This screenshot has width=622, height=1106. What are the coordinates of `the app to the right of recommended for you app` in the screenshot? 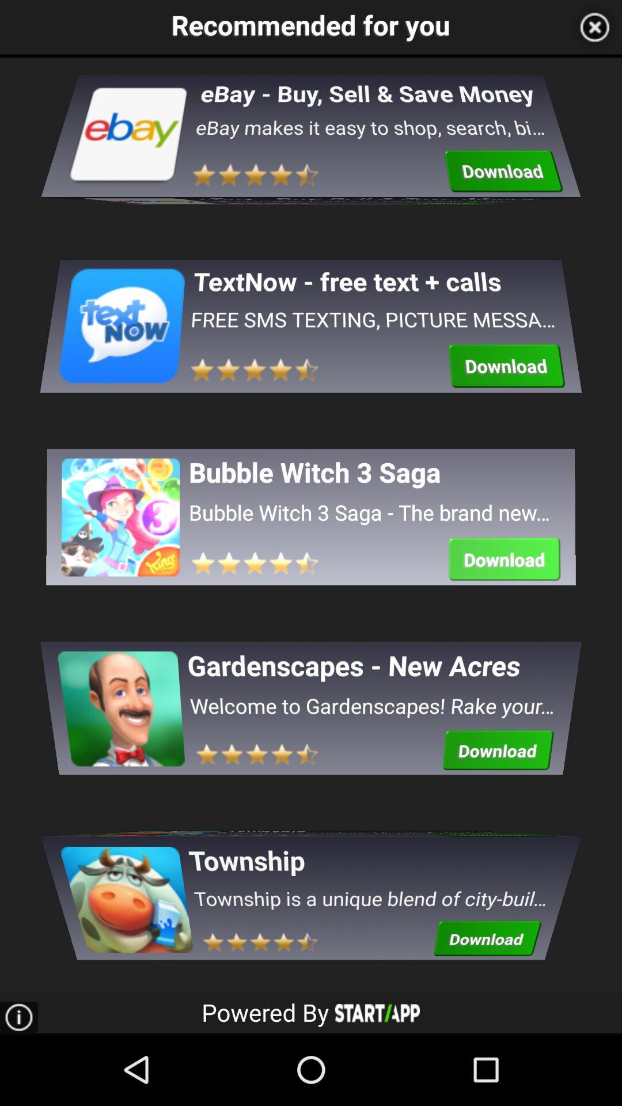 It's located at (594, 27).